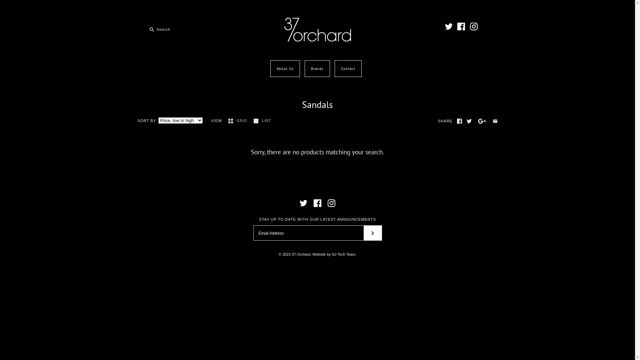 This screenshot has height=360, width=640. Describe the element at coordinates (449, 26) in the screenshot. I see `'Twitter'` at that location.